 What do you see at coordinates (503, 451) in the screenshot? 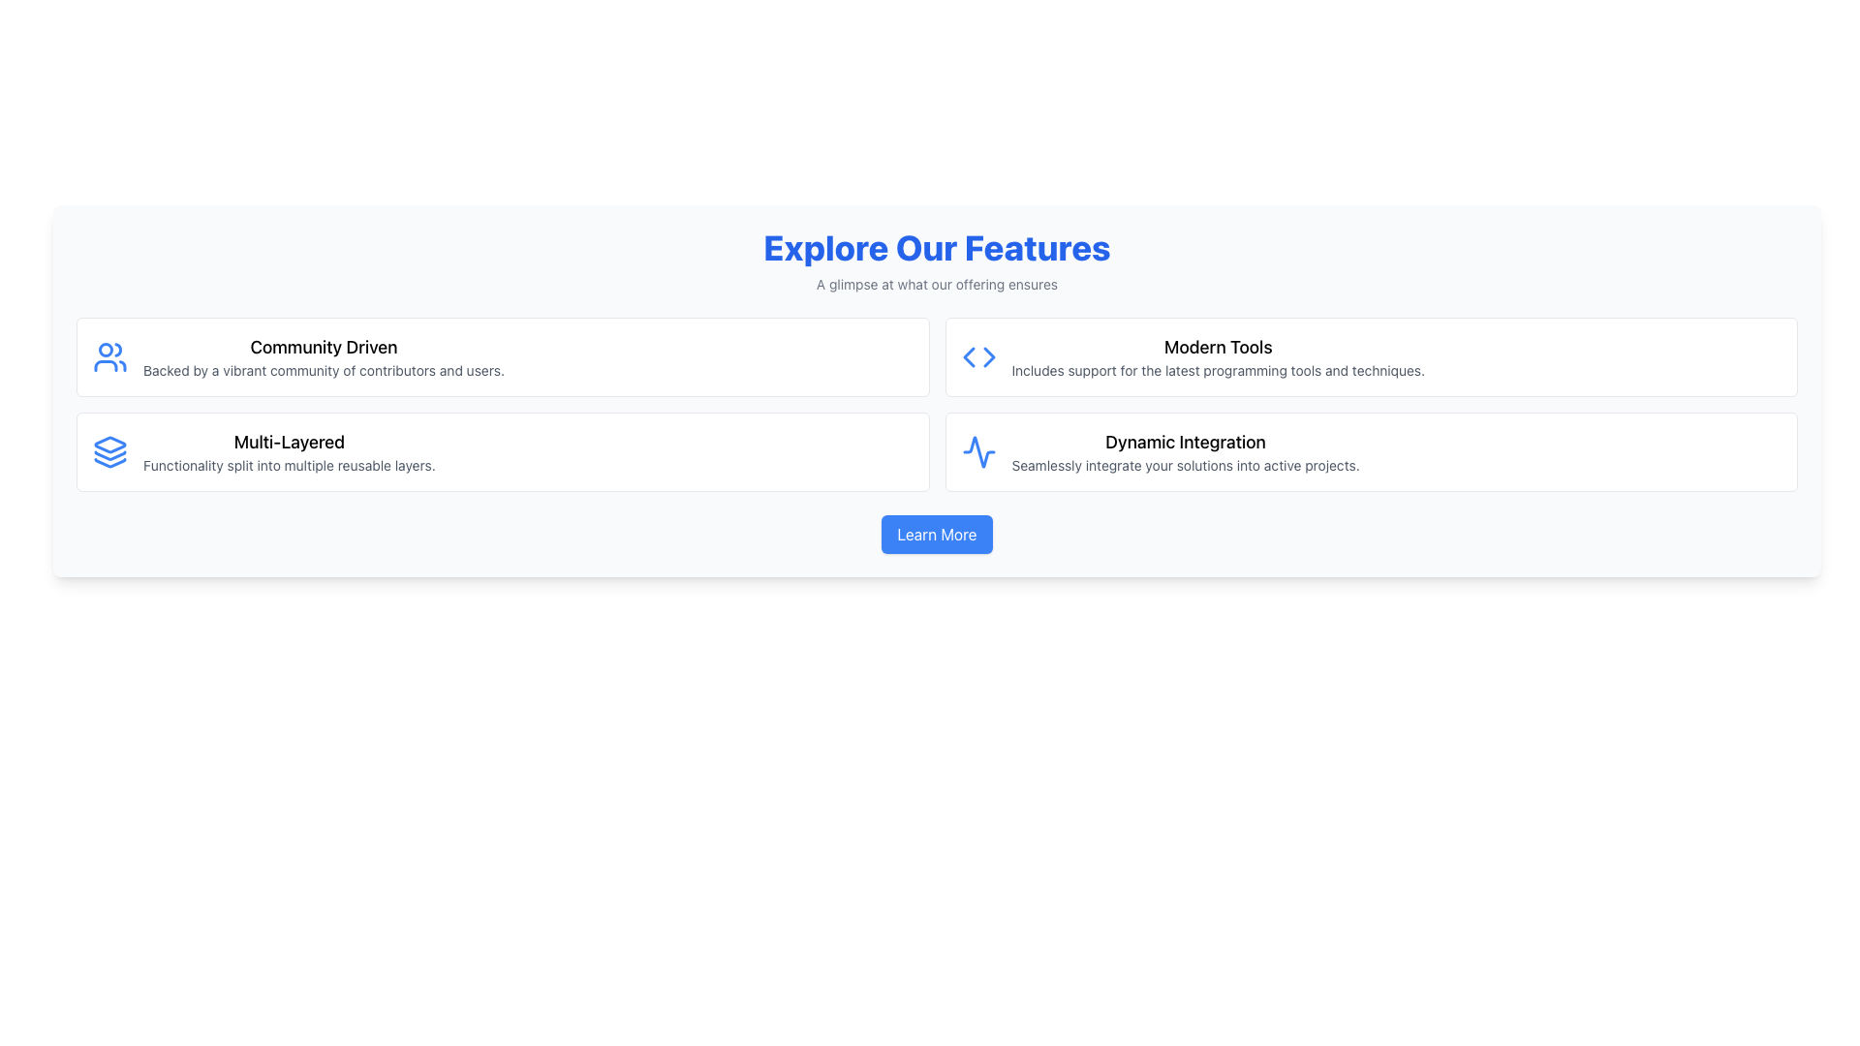
I see `the Informational card located in the lower left quadrant of the grid layout, positioned below the 'Community Driven' card and to the left of the 'Dynamic Integration' card, if it is clickable` at bounding box center [503, 451].